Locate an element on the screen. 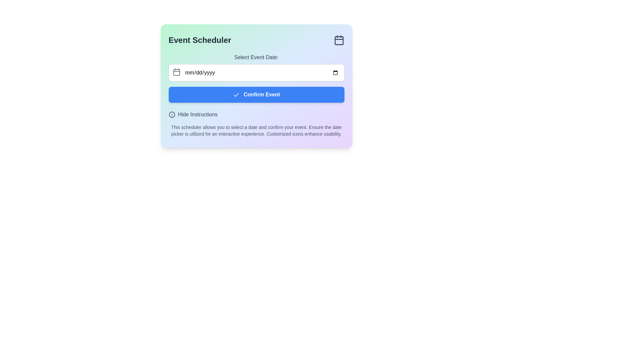 The height and width of the screenshot is (359, 639). the blue 'Confirm Event' button located within the gradient card labeled 'Event Scheduler' is located at coordinates (256, 85).